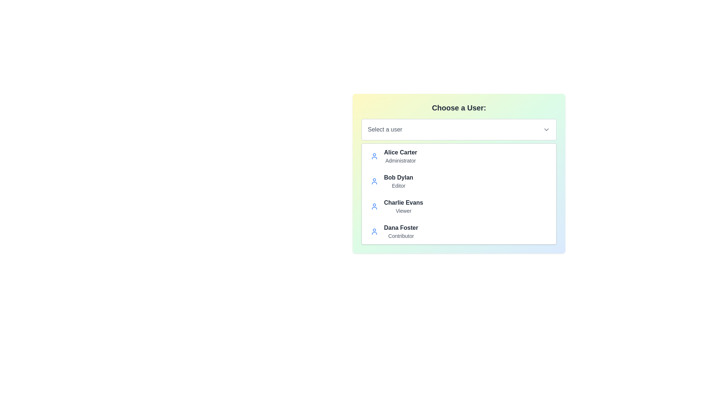  Describe the element at coordinates (400, 152) in the screenshot. I see `the text label displaying the name 'Alice Carter' which is the first entry in the 'Choose a User' dropdown list` at that location.